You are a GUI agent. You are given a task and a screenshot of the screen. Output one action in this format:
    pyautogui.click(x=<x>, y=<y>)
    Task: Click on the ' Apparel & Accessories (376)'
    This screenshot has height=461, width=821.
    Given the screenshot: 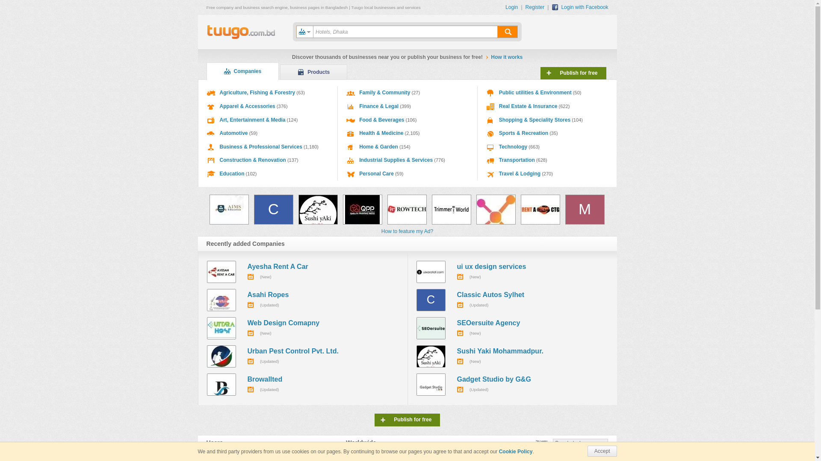 What is the action you would take?
    pyautogui.click(x=268, y=106)
    